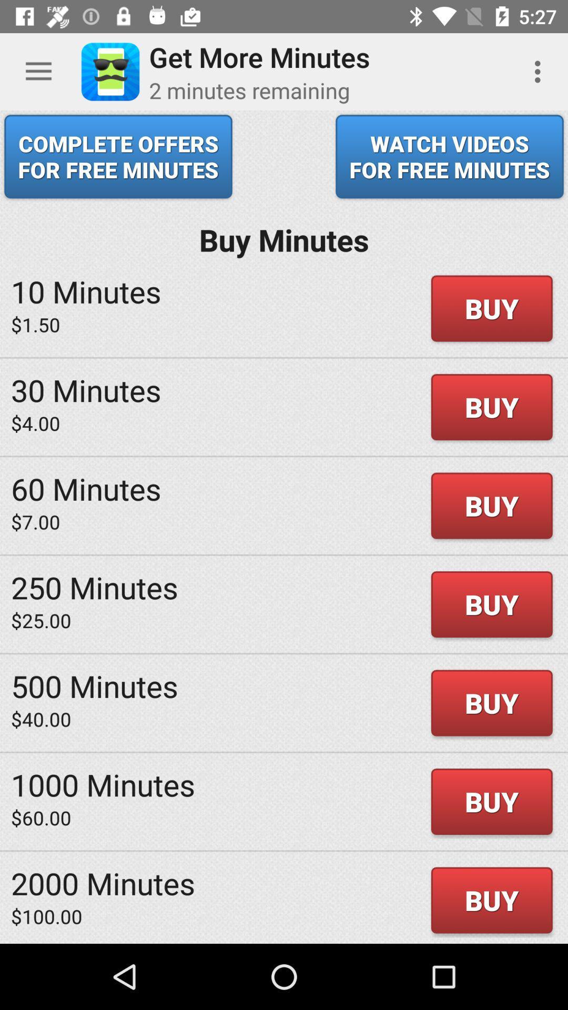 The width and height of the screenshot is (568, 1010). I want to click on 60 minutes item, so click(85, 488).